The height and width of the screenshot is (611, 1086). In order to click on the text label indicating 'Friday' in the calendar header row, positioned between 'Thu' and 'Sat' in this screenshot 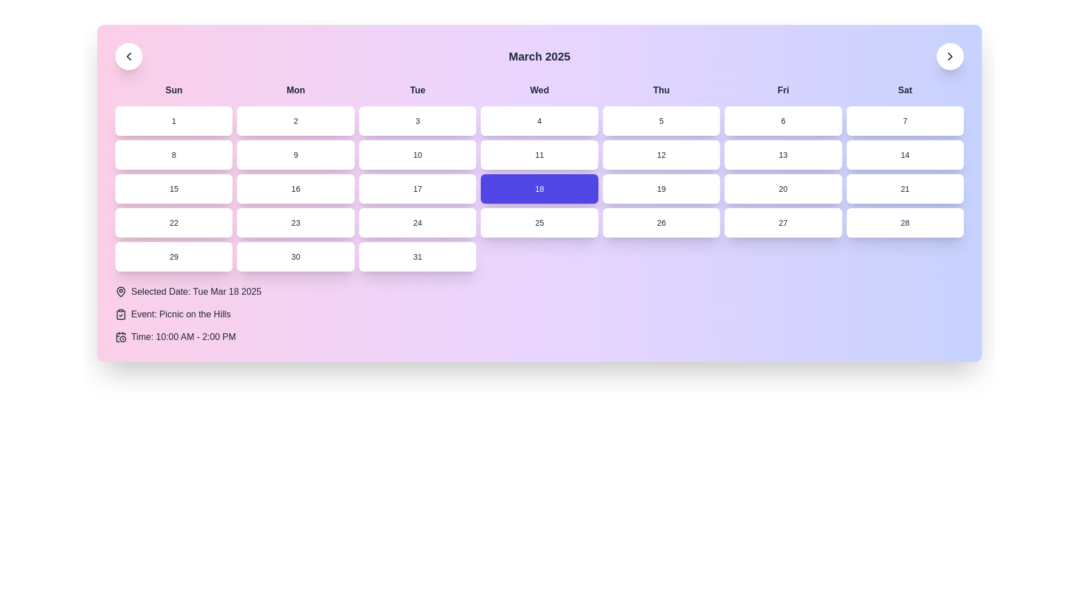, I will do `click(782, 89)`.